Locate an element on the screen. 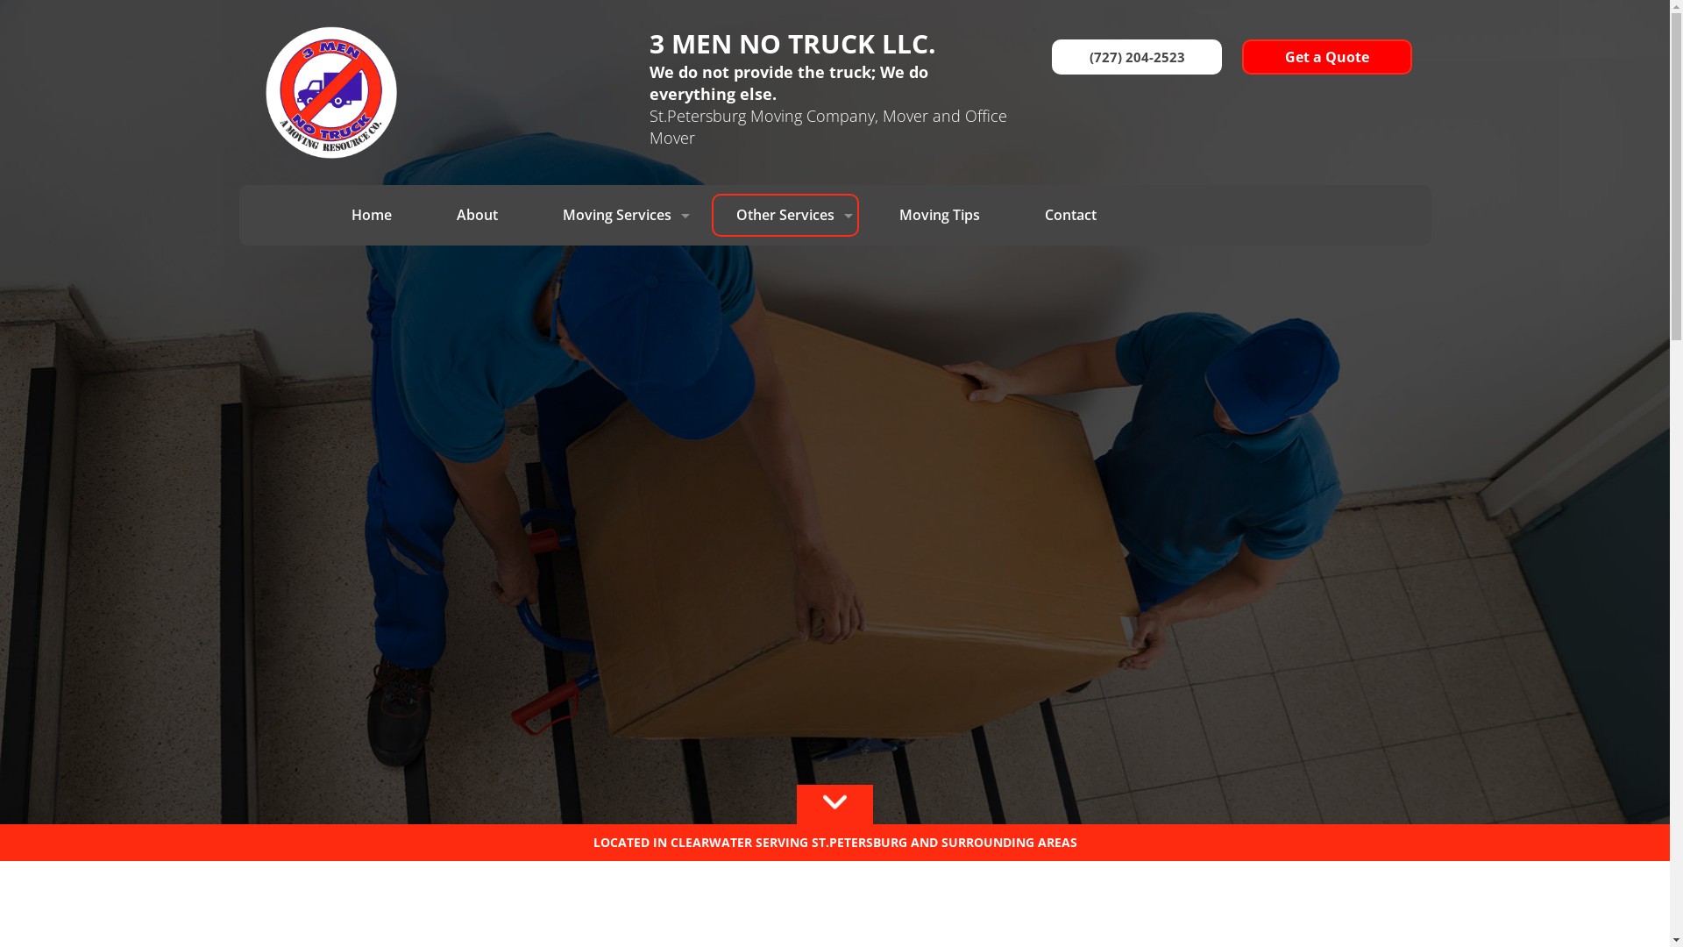 The image size is (1683, 947). 'Lab and Medical Equipment' is located at coordinates (617, 463).